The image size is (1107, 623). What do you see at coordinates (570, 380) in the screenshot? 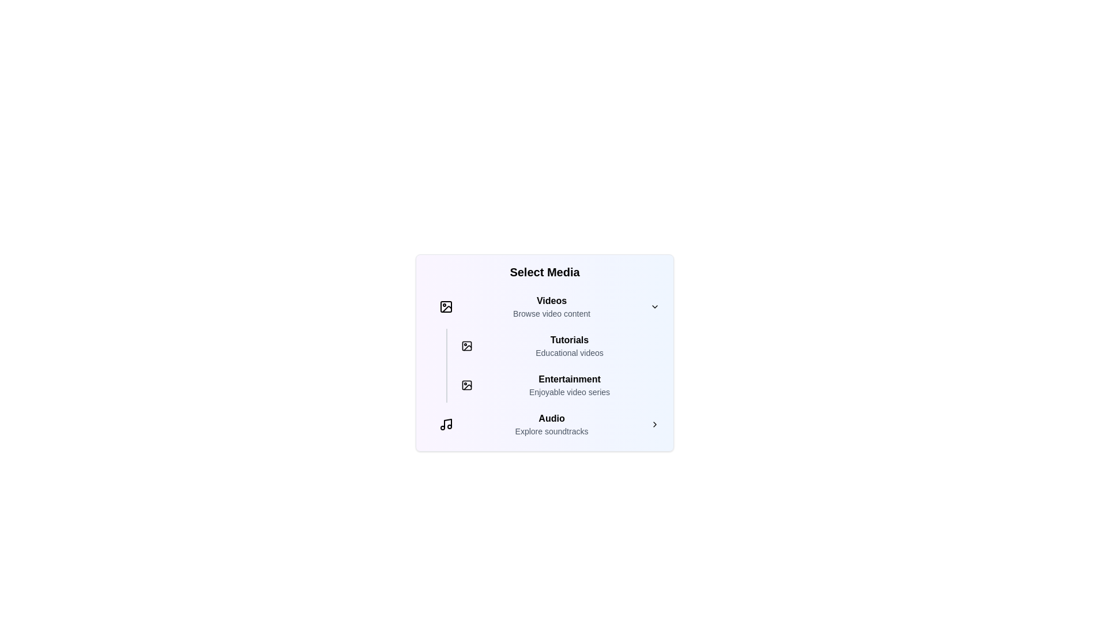
I see `the bold text label reading 'Entertainment'` at bounding box center [570, 380].